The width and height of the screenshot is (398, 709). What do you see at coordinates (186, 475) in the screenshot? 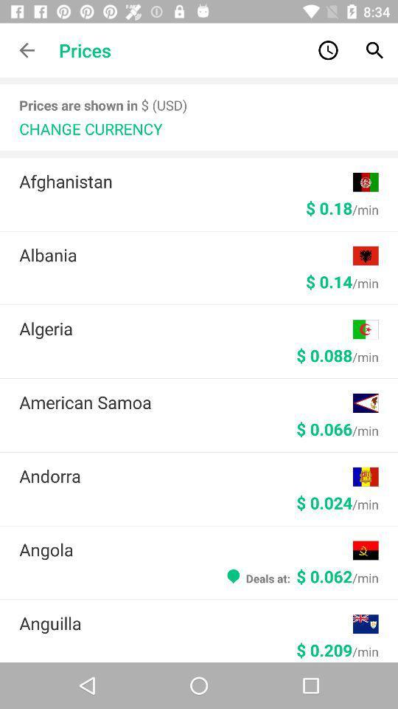
I see `the icon above $ 0.024/min` at bounding box center [186, 475].